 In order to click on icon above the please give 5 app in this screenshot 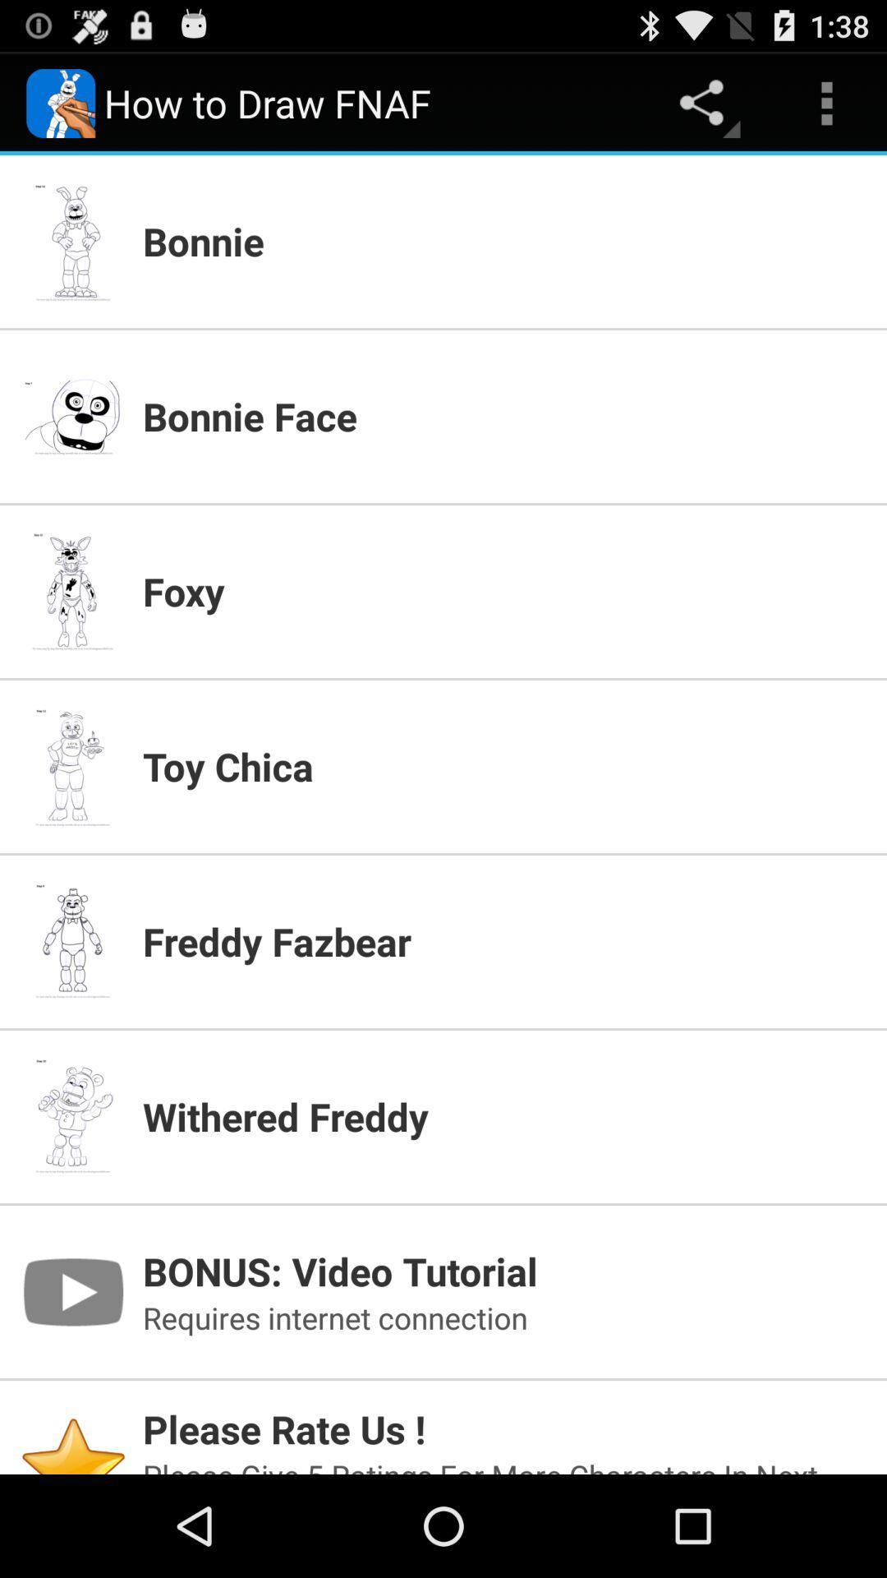, I will do `click(503, 1428)`.